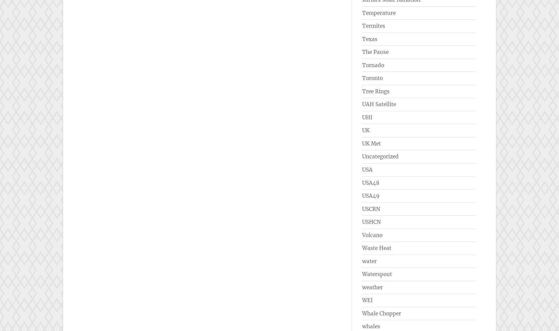 The image size is (559, 331). What do you see at coordinates (371, 143) in the screenshot?
I see `'UK Met'` at bounding box center [371, 143].